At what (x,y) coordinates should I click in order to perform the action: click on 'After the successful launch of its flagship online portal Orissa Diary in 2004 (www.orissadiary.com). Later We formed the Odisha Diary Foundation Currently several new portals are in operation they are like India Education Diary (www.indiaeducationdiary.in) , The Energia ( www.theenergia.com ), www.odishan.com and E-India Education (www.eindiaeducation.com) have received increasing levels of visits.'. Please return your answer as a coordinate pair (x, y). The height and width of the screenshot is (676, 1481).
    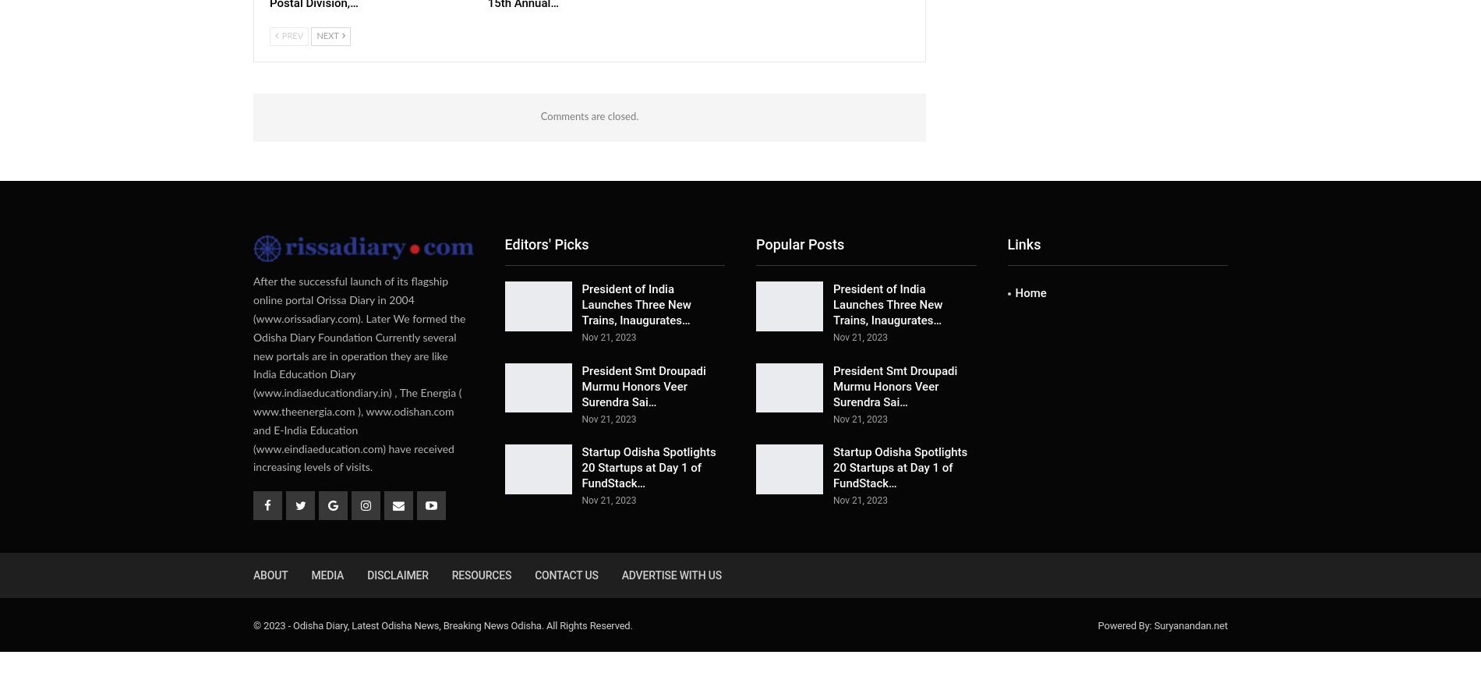
    Looking at the image, I should click on (358, 374).